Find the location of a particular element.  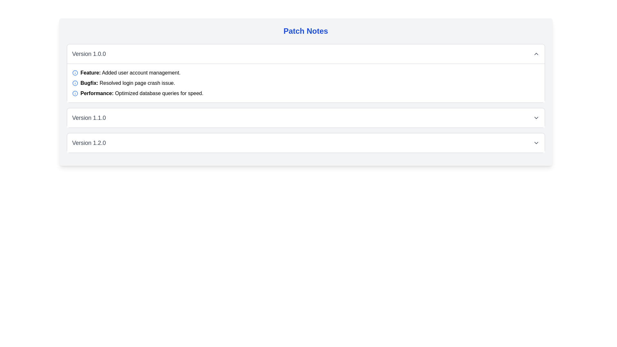

the circular graphical icon that serves as an indicator next to the 'Feature' list item in the 'Version 1.0.0' section is located at coordinates (75, 83).